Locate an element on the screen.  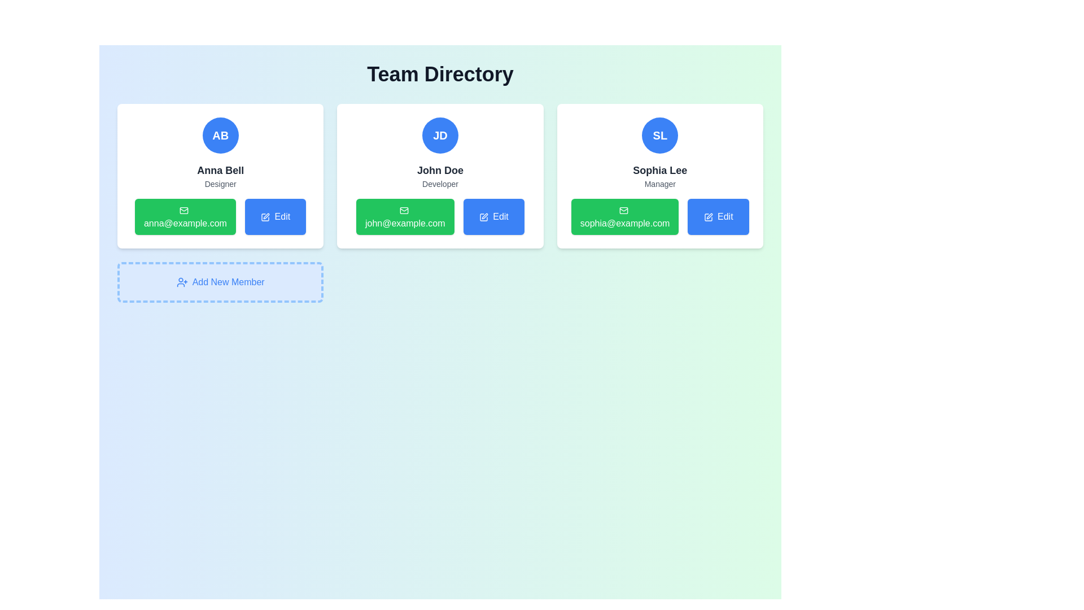
the vector graphic icon within the 'Edit' button for 'Anna Bell' in the Team Directory is located at coordinates (265, 217).